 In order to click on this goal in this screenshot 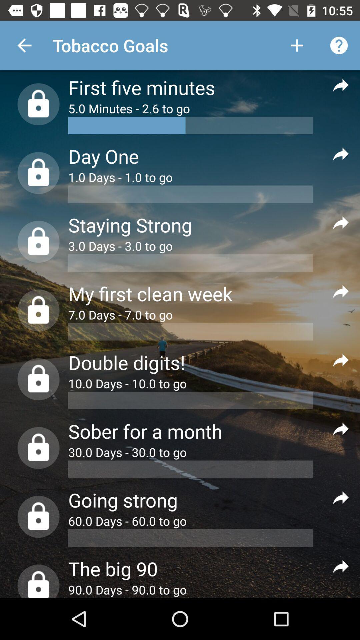, I will do `click(341, 84)`.